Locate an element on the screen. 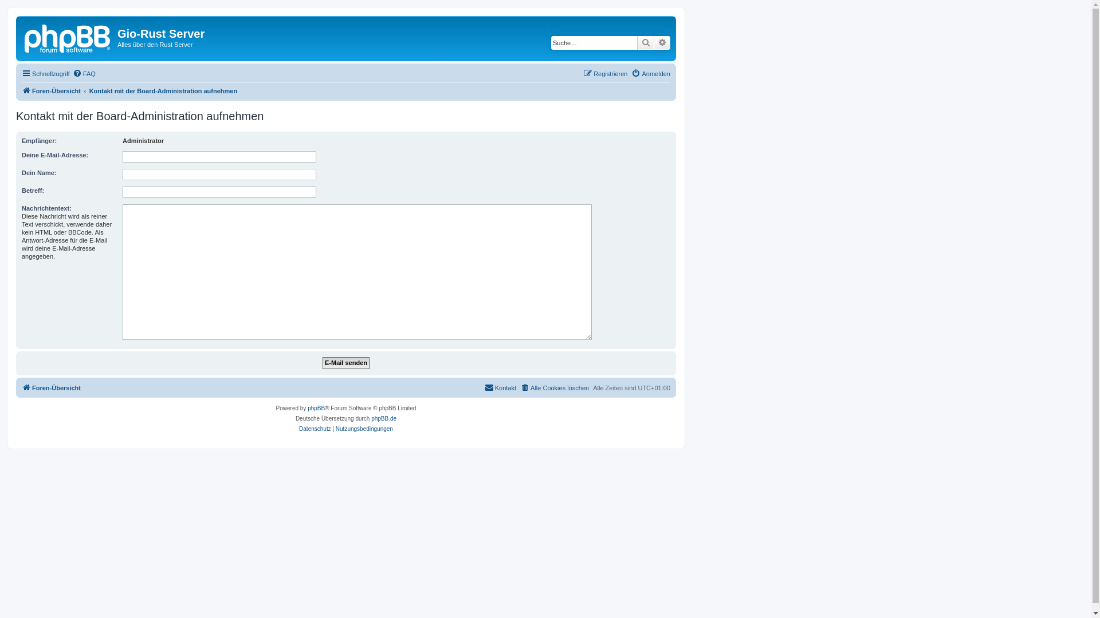 The width and height of the screenshot is (1100, 618). 'E-Mail senden' is located at coordinates (345, 363).